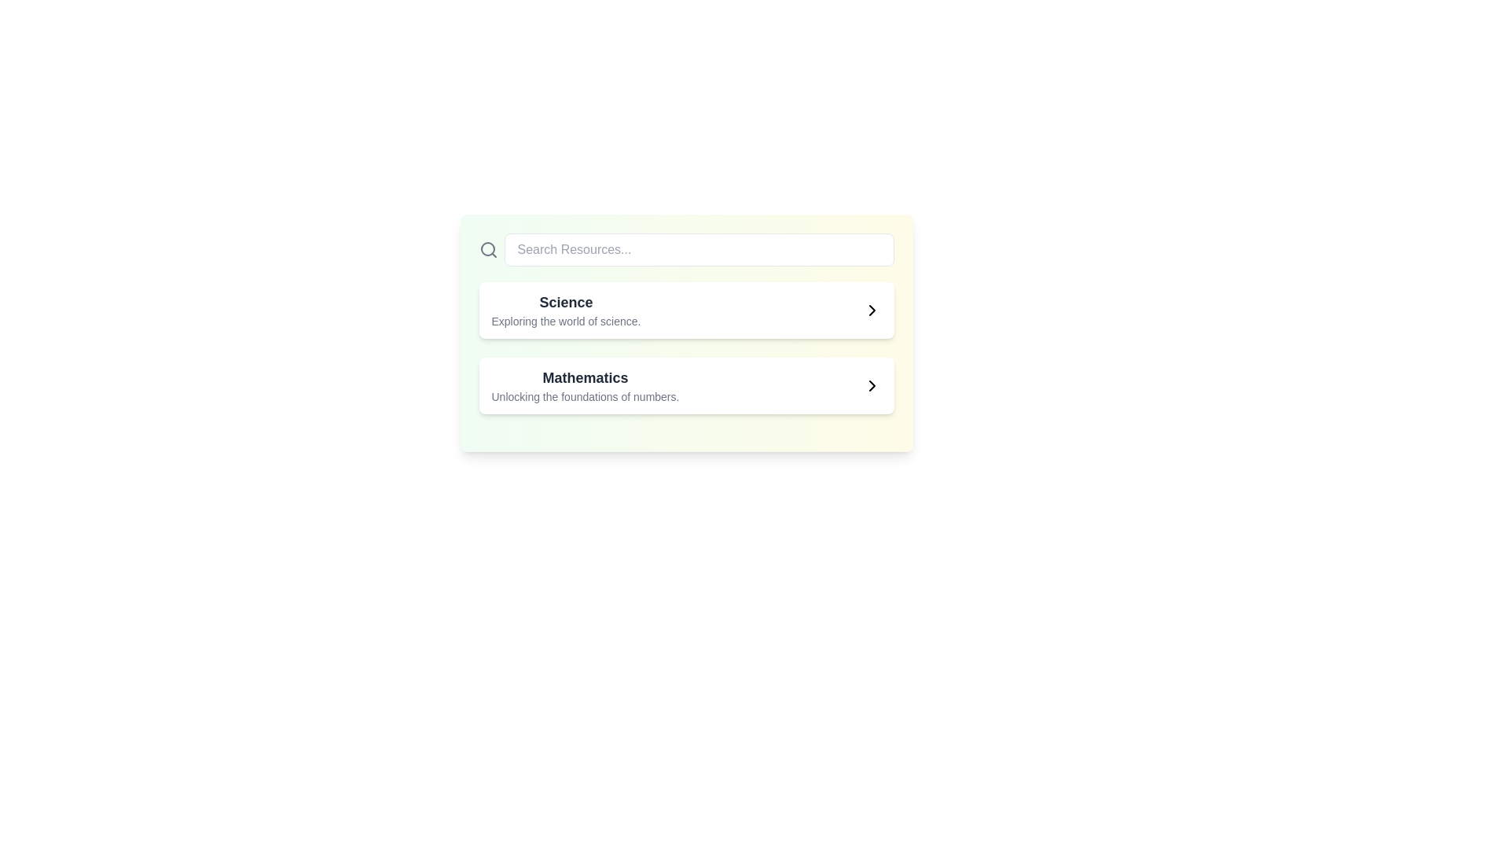 This screenshot has height=849, width=1509. Describe the element at coordinates (871, 385) in the screenshot. I see `the SVG icon located in the second row entry of the list aligned to the right side of the 'Mathematics' entry` at that location.